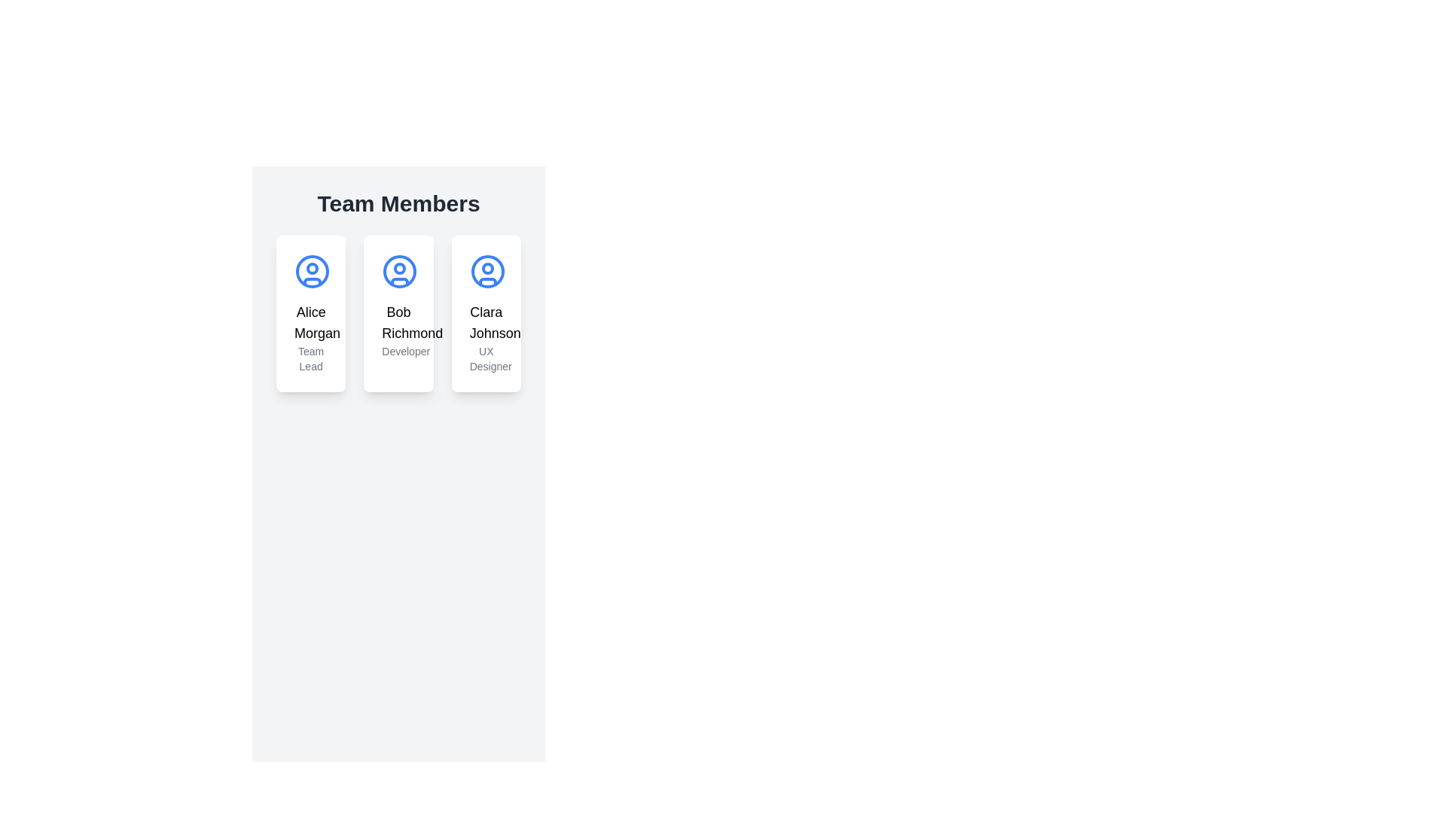  I want to click on the Card component for Clara Johnson, which is the third card in a row of three, featuring a white background, rounded corners, and blue accents, positioned to the far right of the layout grid, so click(486, 312).